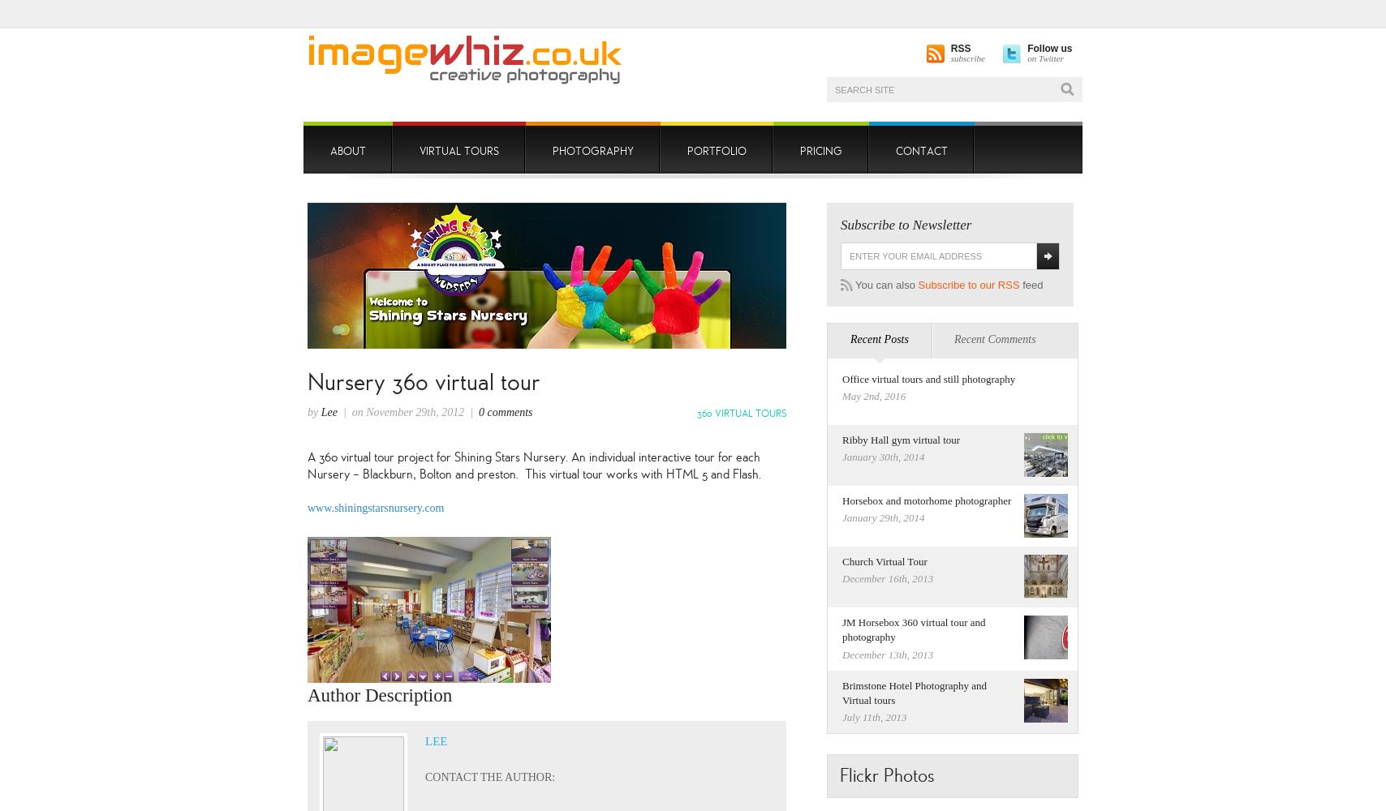  What do you see at coordinates (348, 151) in the screenshot?
I see `'About'` at bounding box center [348, 151].